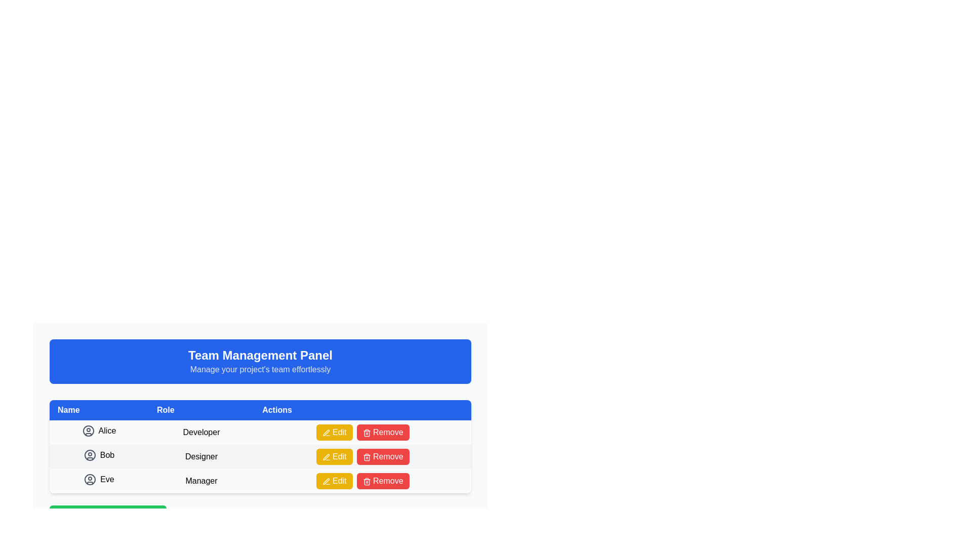  I want to click on the label element displaying the name 'Eve' in the 'Name' column of the third row in a management panel, so click(99, 479).